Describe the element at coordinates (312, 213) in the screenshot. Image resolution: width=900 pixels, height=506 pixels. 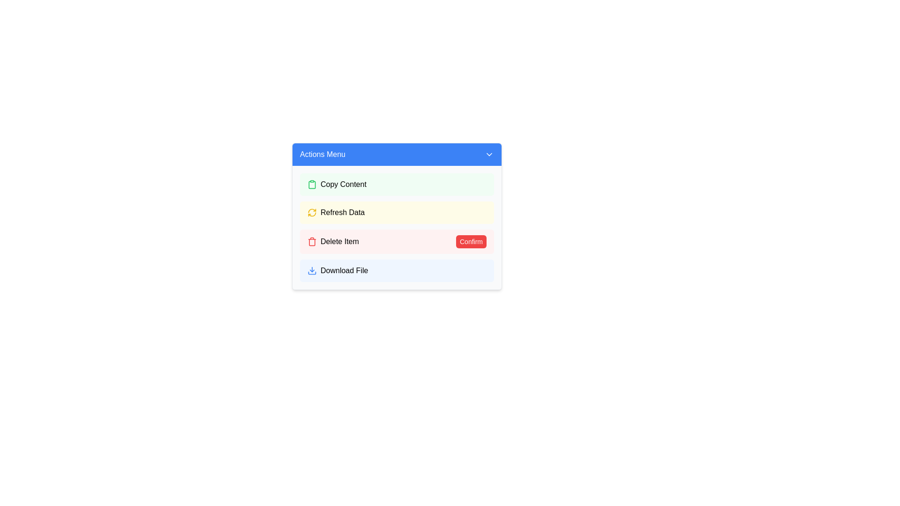
I see `the refresh icon, which is a circular arrow symbol with a yellow hue, located to the left of the 'Refresh Data' button` at that location.